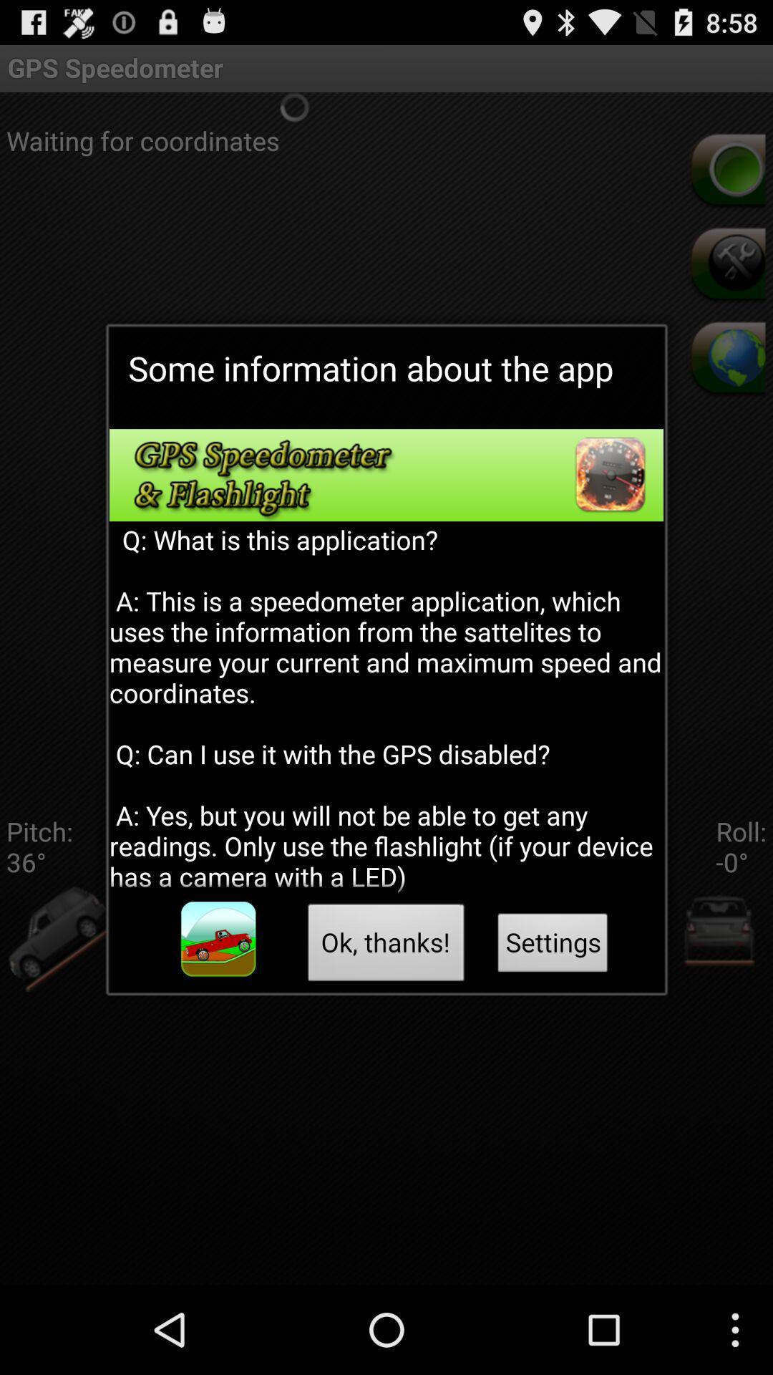 The height and width of the screenshot is (1375, 773). Describe the element at coordinates (218, 939) in the screenshot. I see `game app icon for information` at that location.